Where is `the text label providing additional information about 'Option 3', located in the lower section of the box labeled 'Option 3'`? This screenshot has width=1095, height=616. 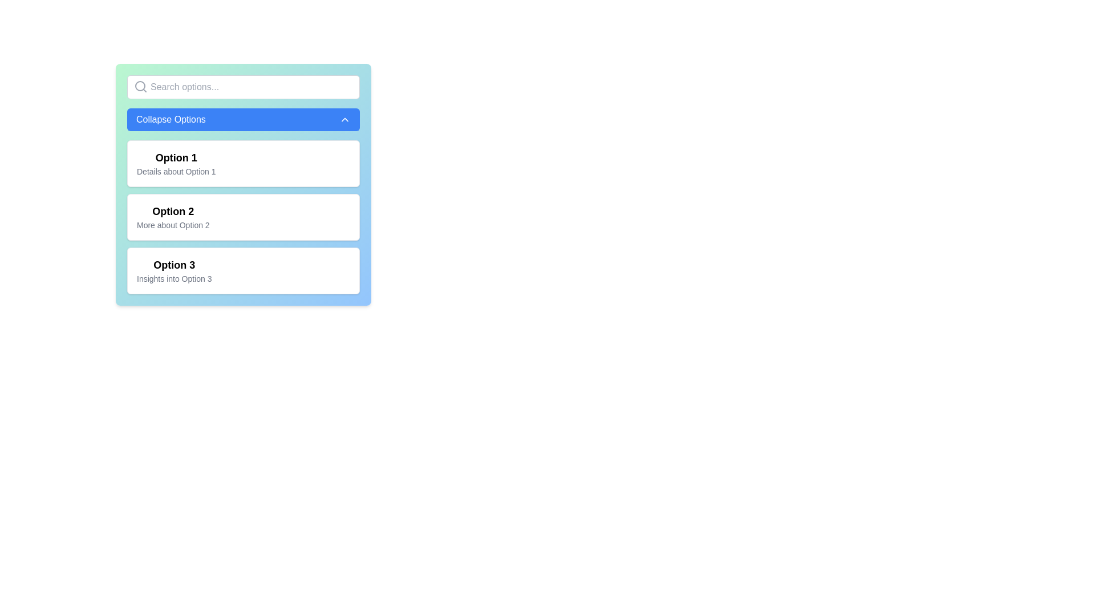 the text label providing additional information about 'Option 3', located in the lower section of the box labeled 'Option 3' is located at coordinates (173, 279).